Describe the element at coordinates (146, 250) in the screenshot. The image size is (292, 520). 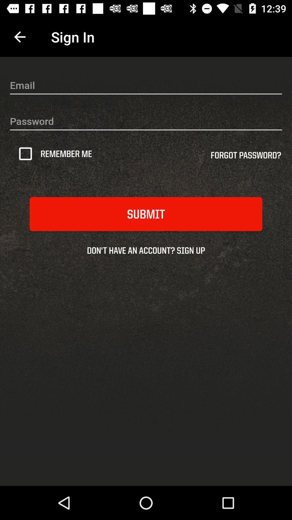
I see `don t have item` at that location.